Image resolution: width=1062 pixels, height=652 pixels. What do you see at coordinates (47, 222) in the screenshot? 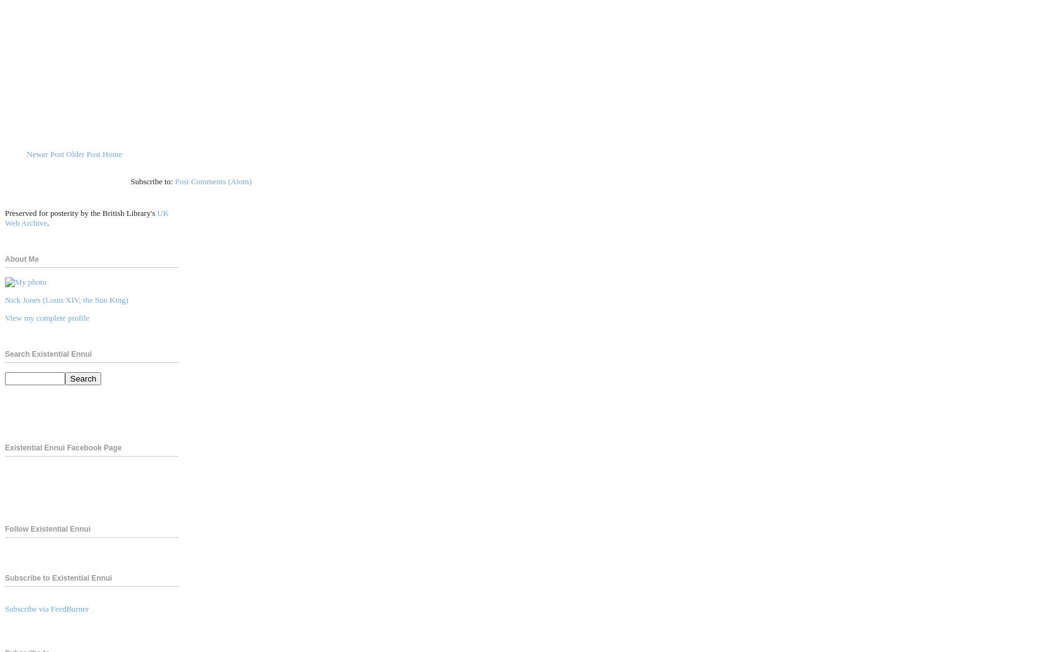
I see `'.'` at bounding box center [47, 222].